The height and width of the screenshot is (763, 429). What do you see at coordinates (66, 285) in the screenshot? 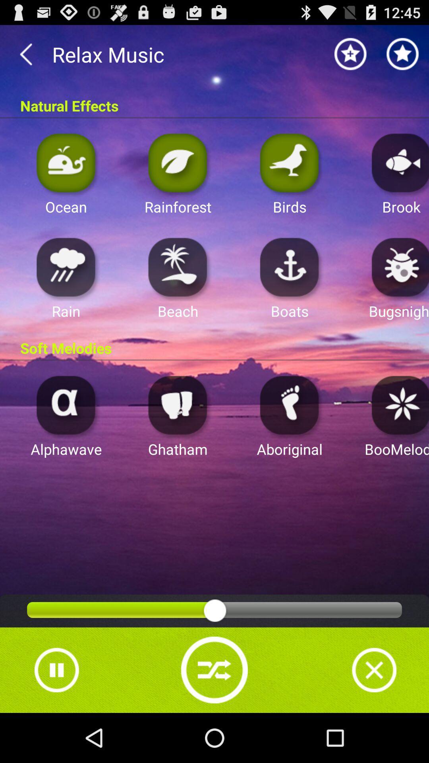
I see `the weather icon` at bounding box center [66, 285].